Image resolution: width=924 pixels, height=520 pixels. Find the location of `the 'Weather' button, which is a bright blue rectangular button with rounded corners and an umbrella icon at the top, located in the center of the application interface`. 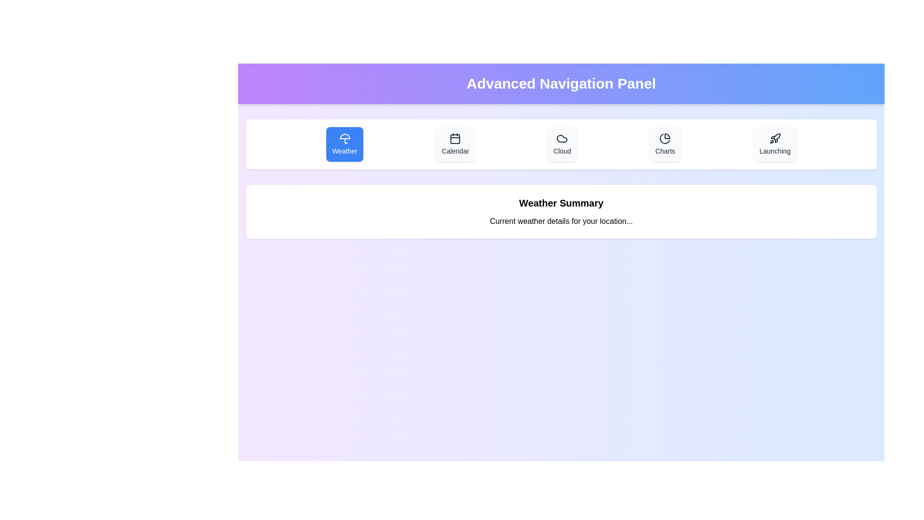

the 'Weather' button, which is a bright blue rectangular button with rounded corners and an umbrella icon at the top, located in the center of the application interface is located at coordinates (345, 144).